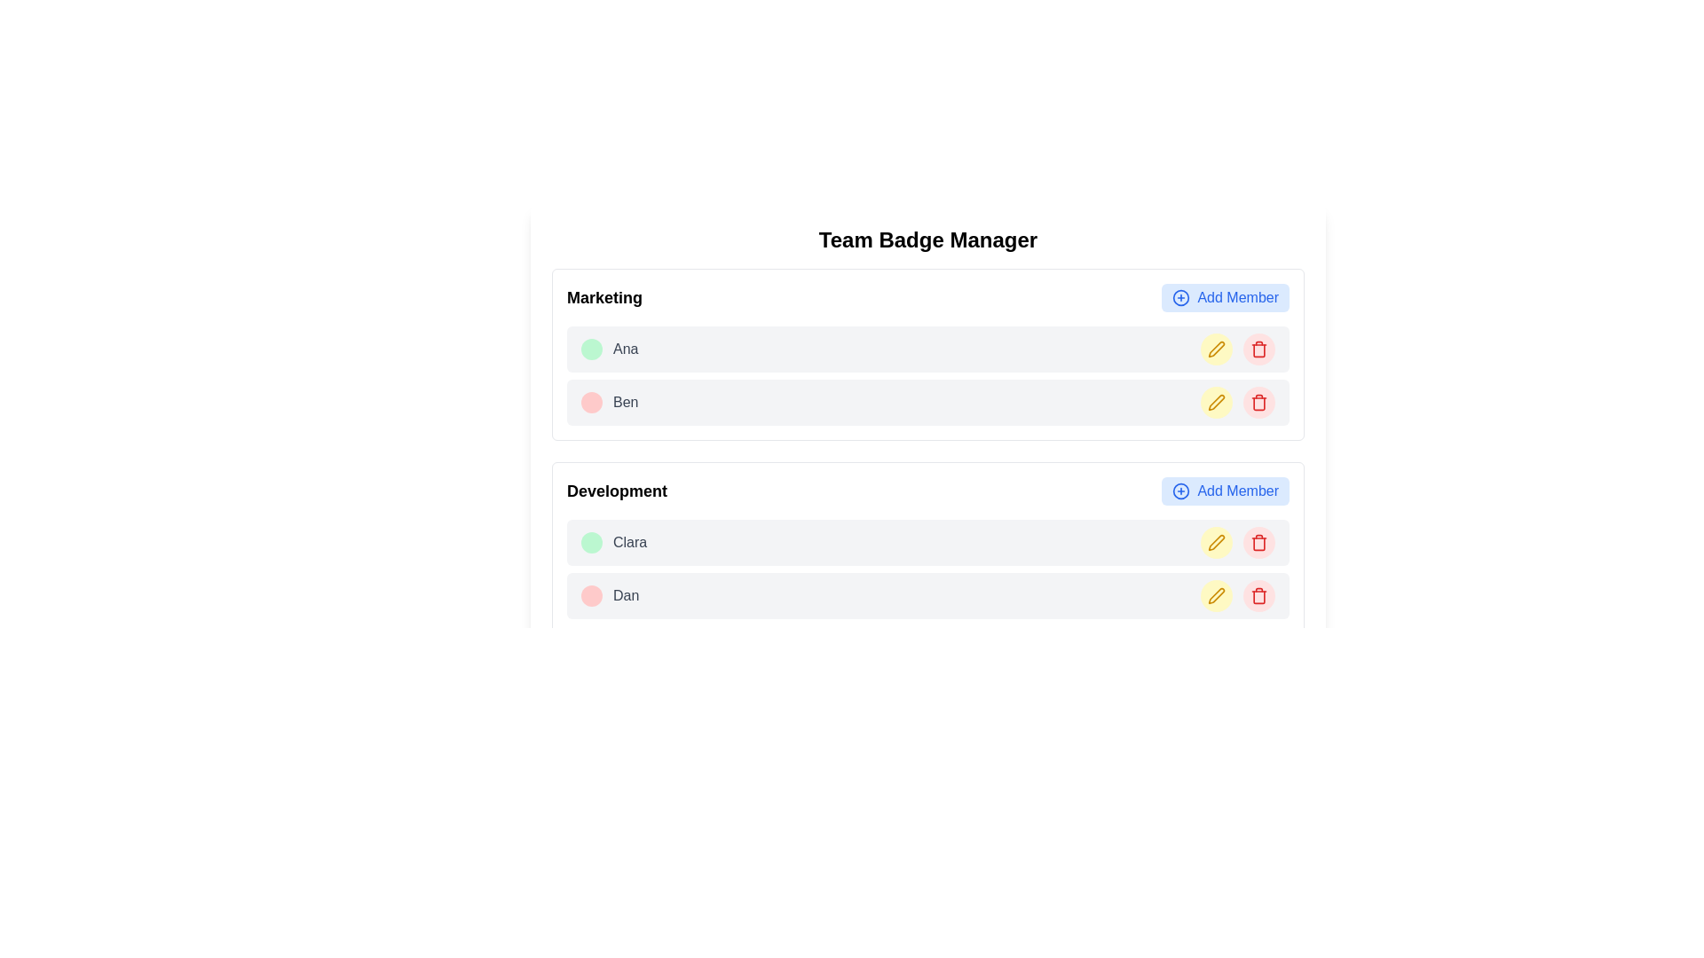 The width and height of the screenshot is (1704, 958). Describe the element at coordinates (1258, 349) in the screenshot. I see `the small red trash bin icon button located in the row for user 'Ben' under the 'Marketing' section` at that location.